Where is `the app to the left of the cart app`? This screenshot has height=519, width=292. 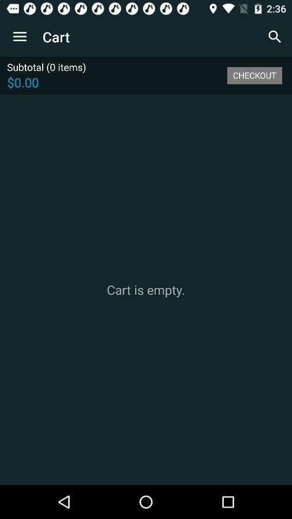 the app to the left of the cart app is located at coordinates (19, 37).